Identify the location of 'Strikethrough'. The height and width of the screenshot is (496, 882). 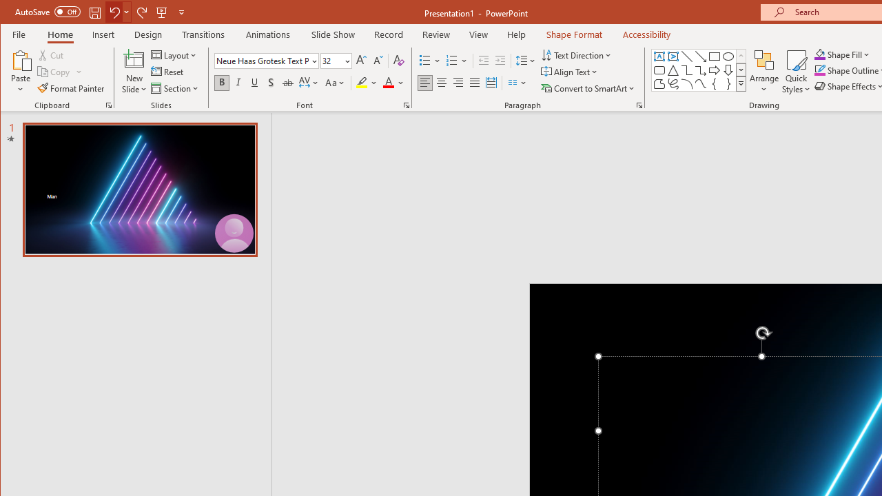
(287, 83).